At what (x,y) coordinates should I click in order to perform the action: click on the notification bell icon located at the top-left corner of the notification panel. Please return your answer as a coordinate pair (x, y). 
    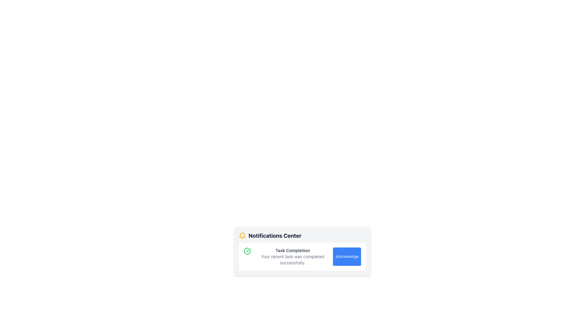
    Looking at the image, I should click on (242, 235).